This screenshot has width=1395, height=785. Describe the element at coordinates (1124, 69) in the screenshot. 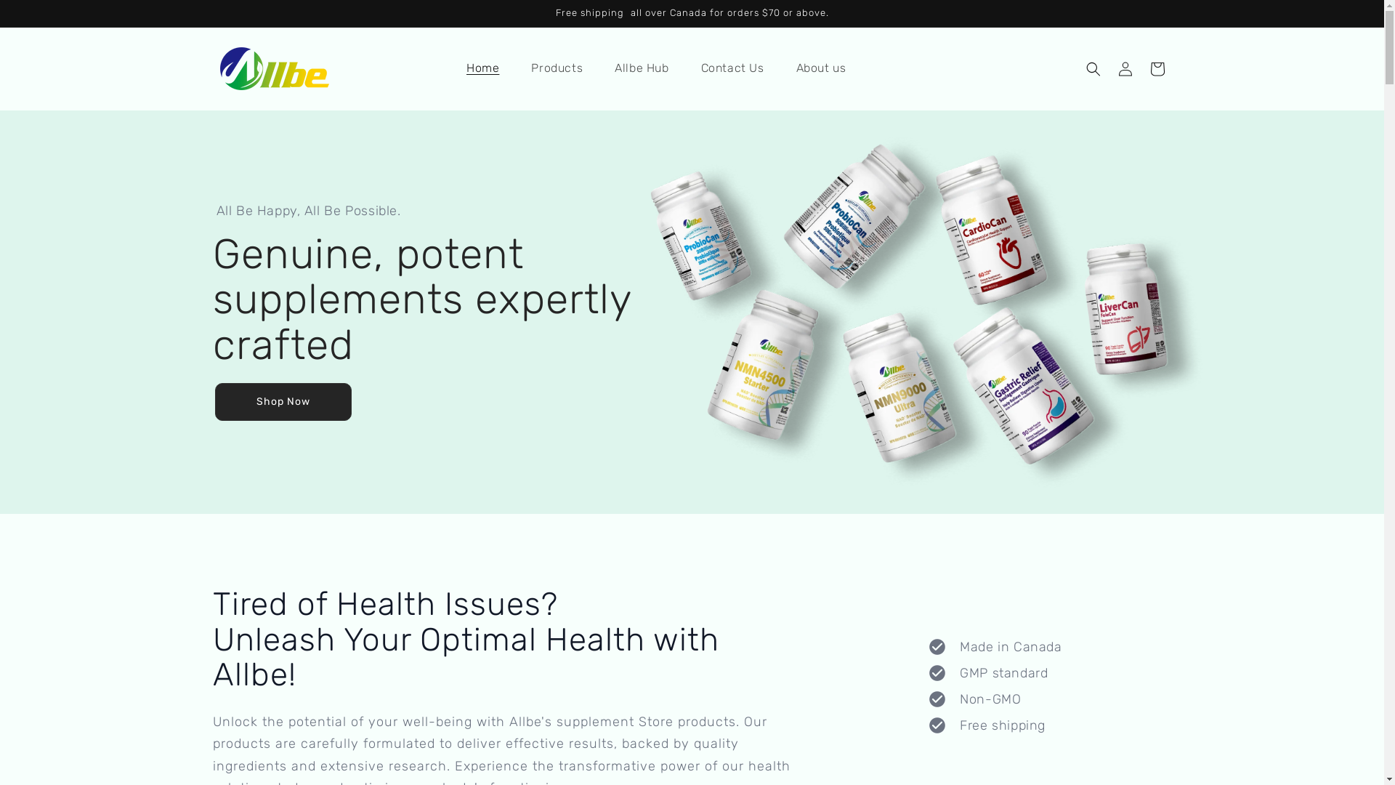

I see `'Log in'` at that location.